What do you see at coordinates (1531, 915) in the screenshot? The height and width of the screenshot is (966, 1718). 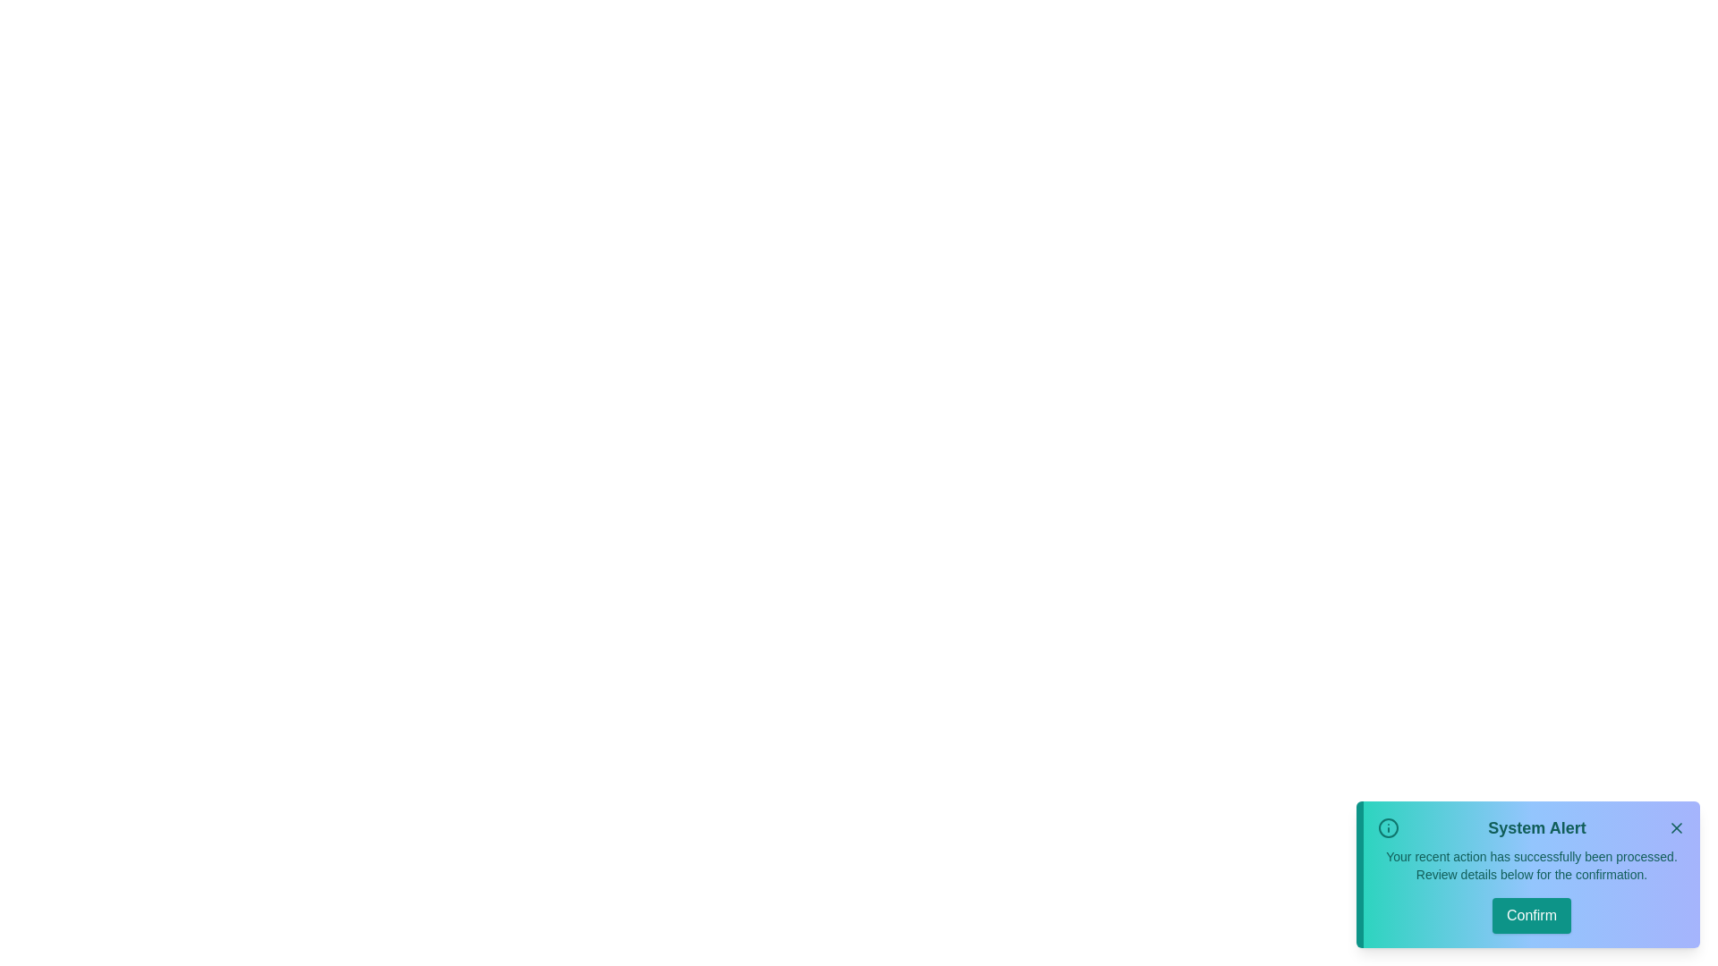 I see `the 'Confirm' button to confirm the action` at bounding box center [1531, 915].